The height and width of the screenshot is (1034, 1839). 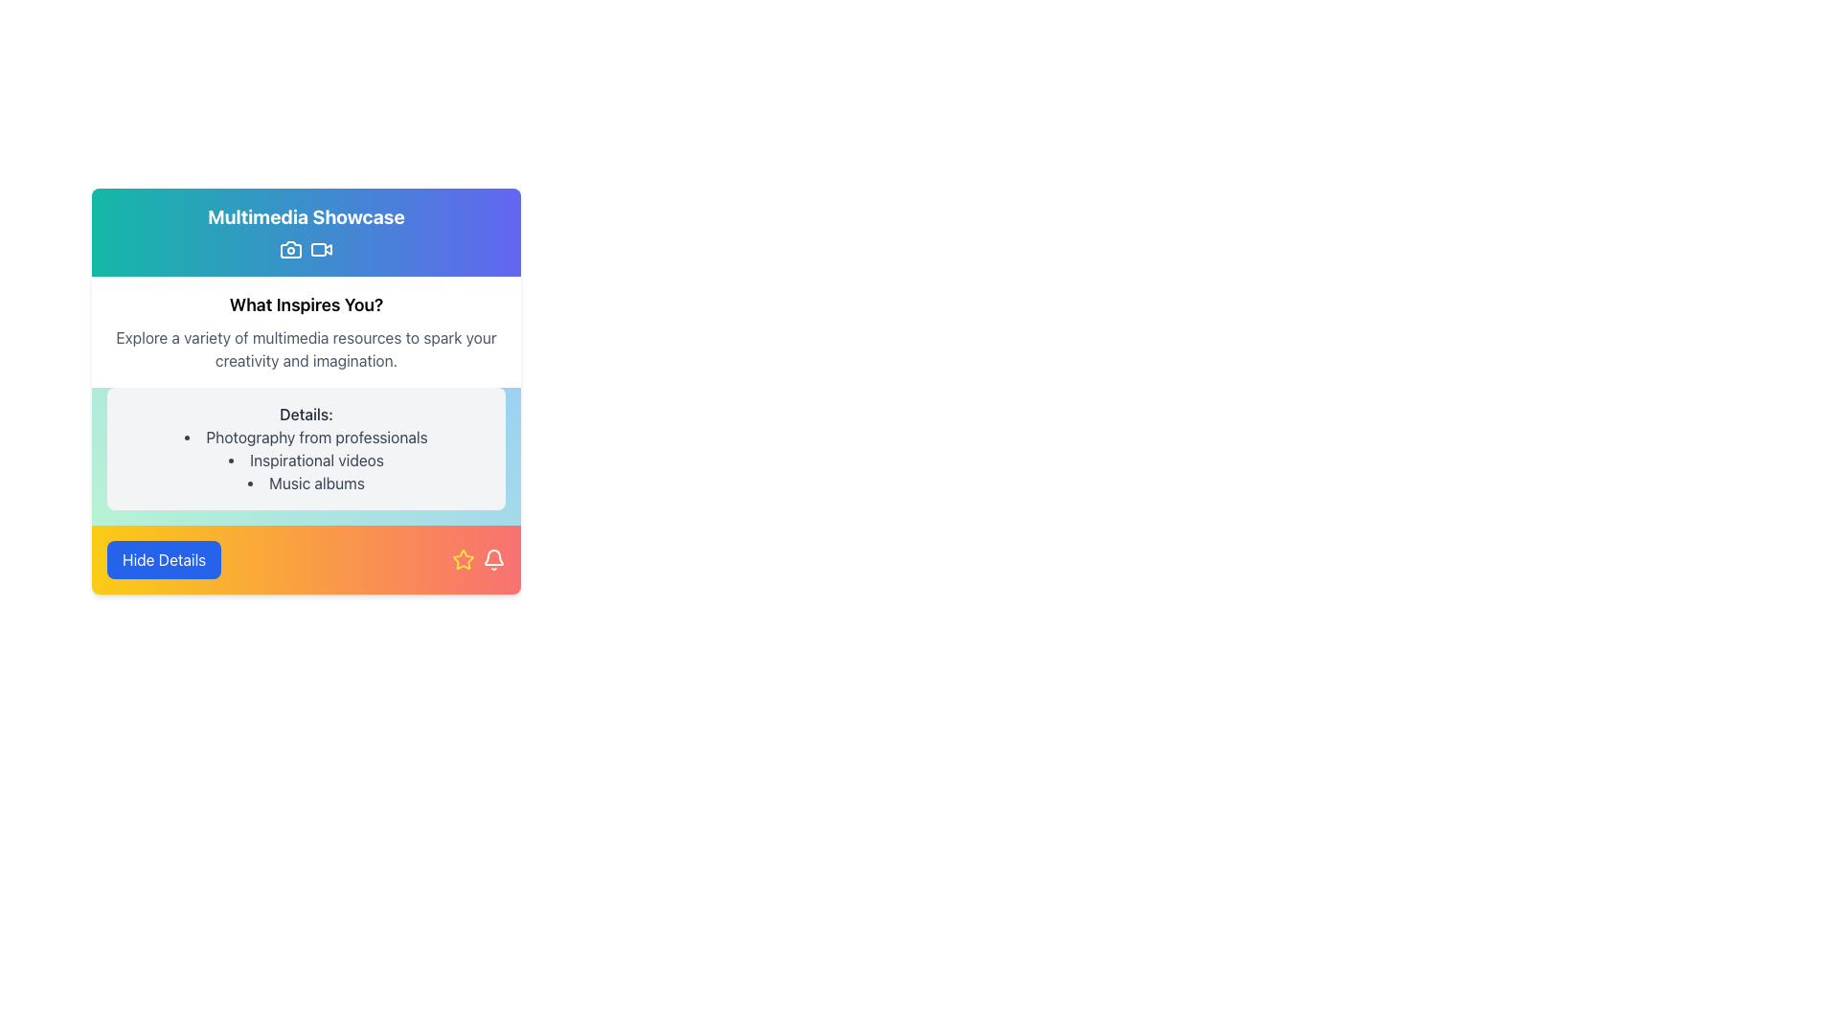 I want to click on the text label that categorically references 'Inspirational videos', located as the second item in a bulleted list within the card interface, so click(x=306, y=461).